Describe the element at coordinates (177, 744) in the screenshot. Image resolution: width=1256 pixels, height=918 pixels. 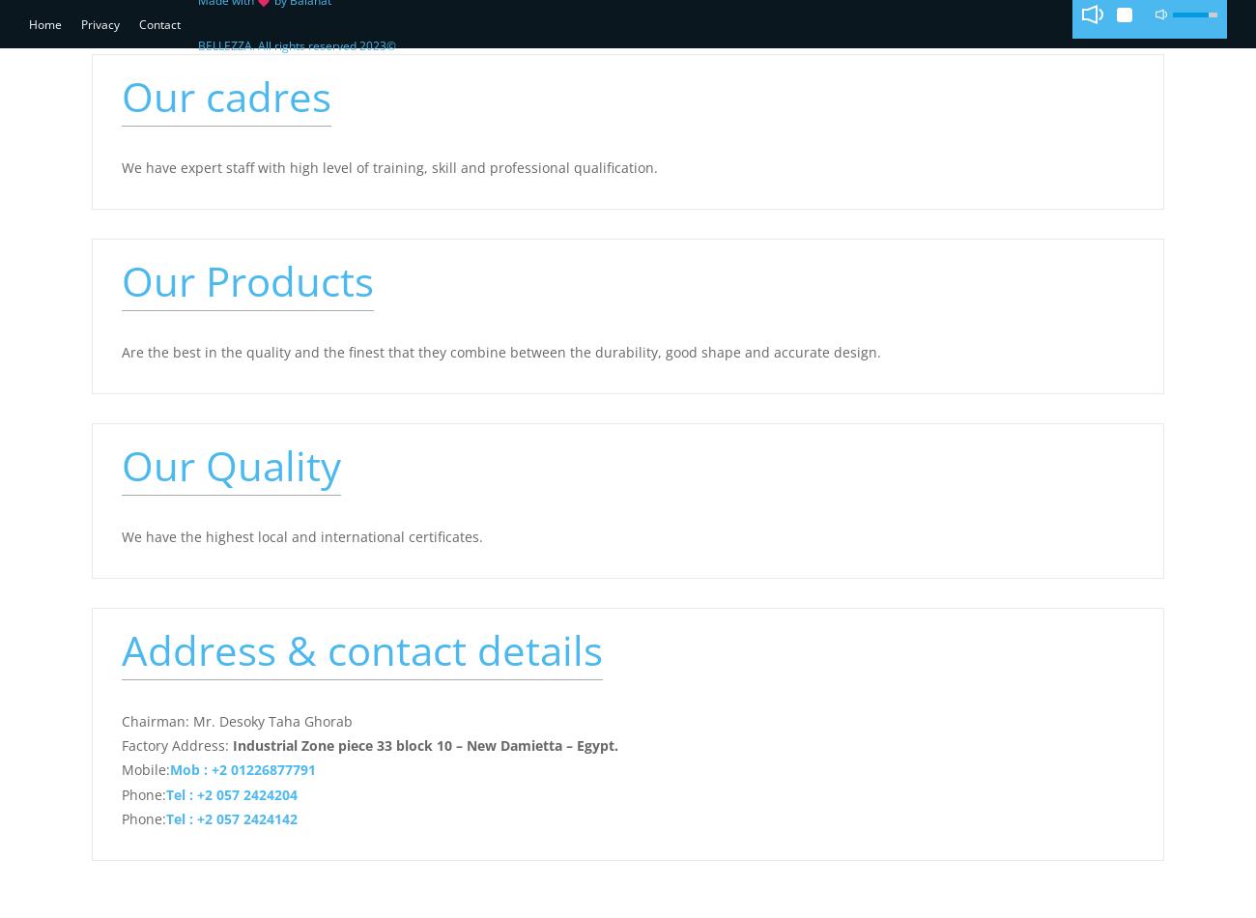
I see `'Factory Address:'` at that location.